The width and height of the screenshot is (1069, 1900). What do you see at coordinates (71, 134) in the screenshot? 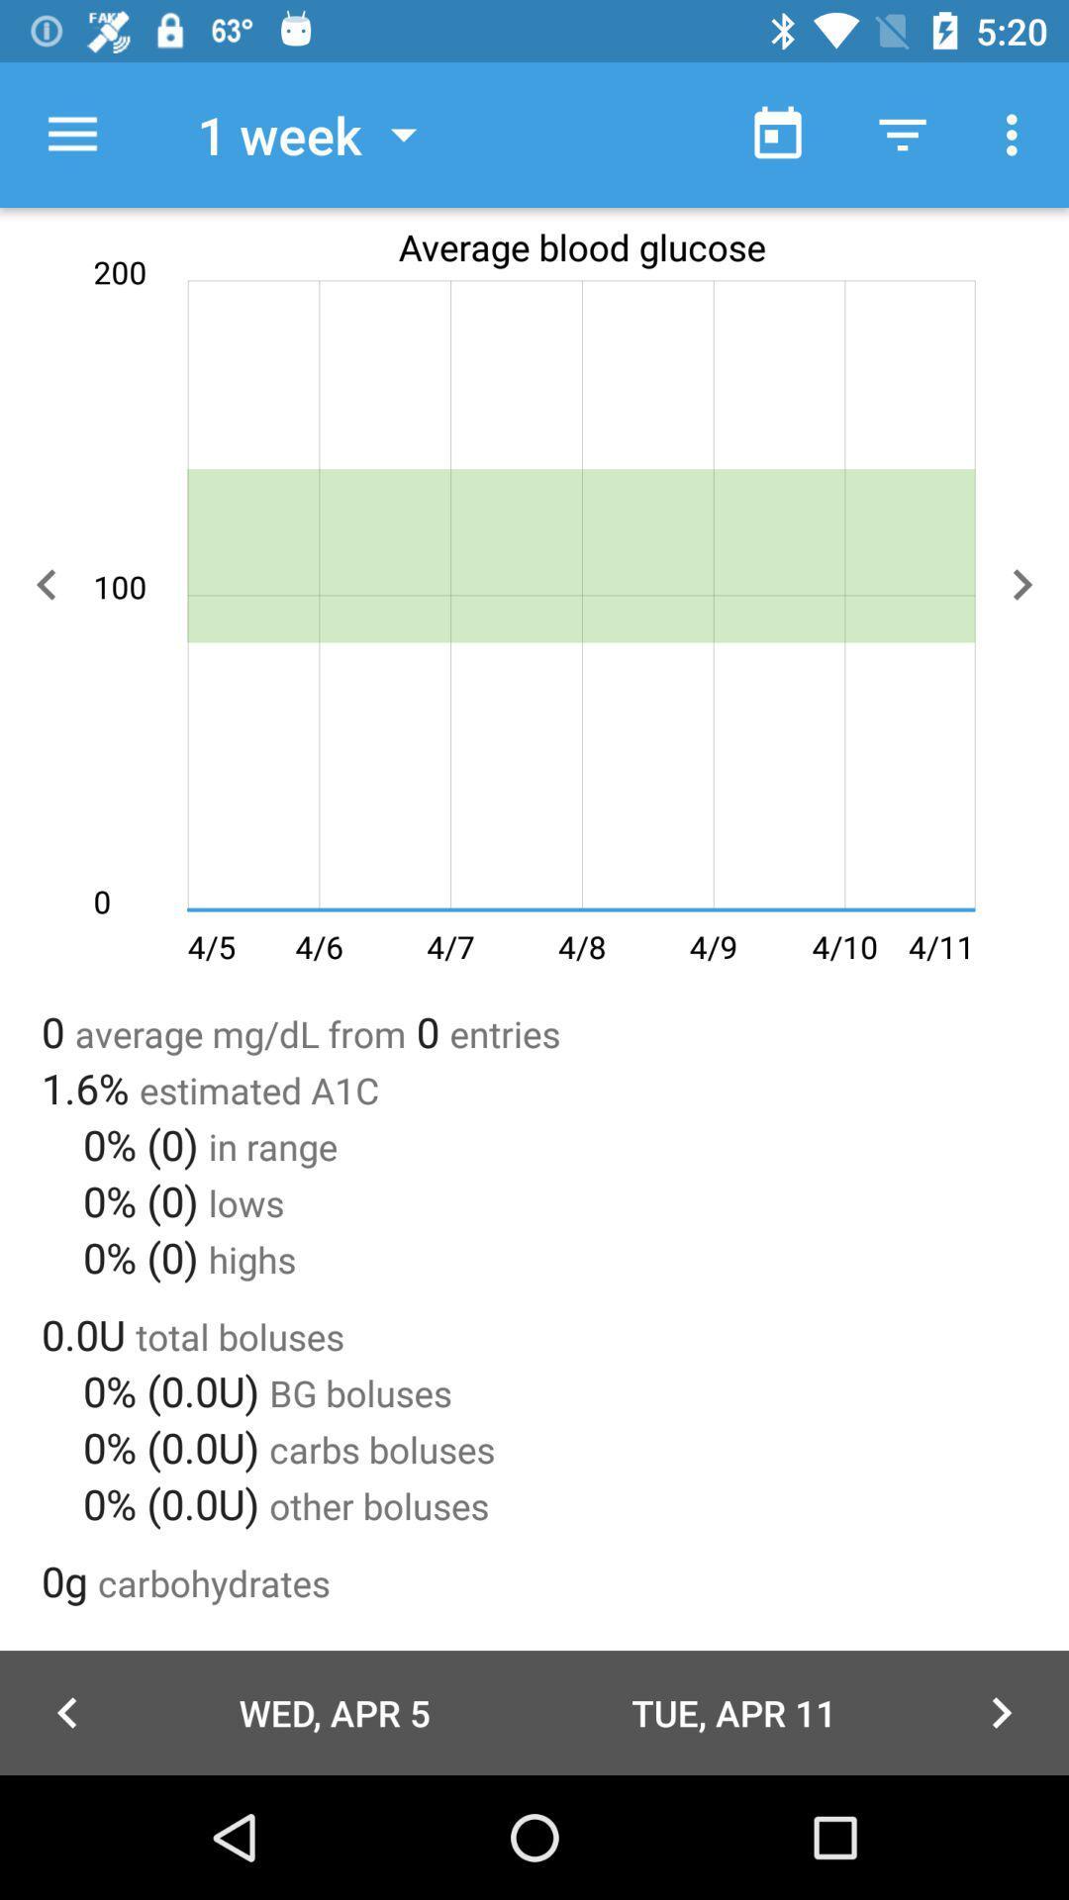
I see `icon to the left of the 1 week icon` at bounding box center [71, 134].